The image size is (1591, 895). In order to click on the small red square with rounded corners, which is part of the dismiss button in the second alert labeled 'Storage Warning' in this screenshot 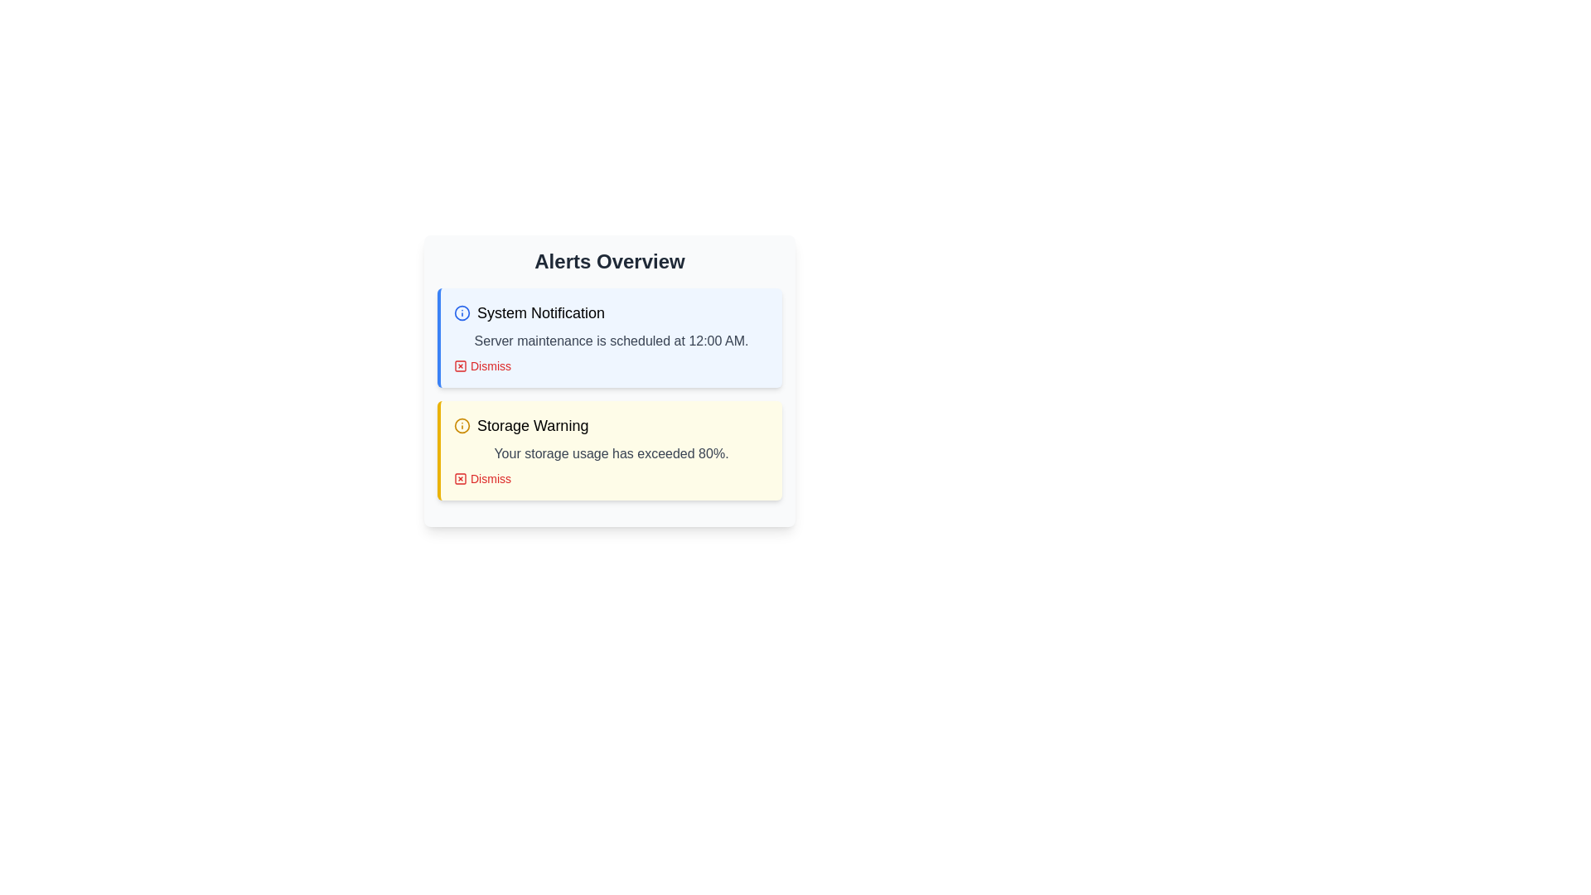, I will do `click(461, 479)`.